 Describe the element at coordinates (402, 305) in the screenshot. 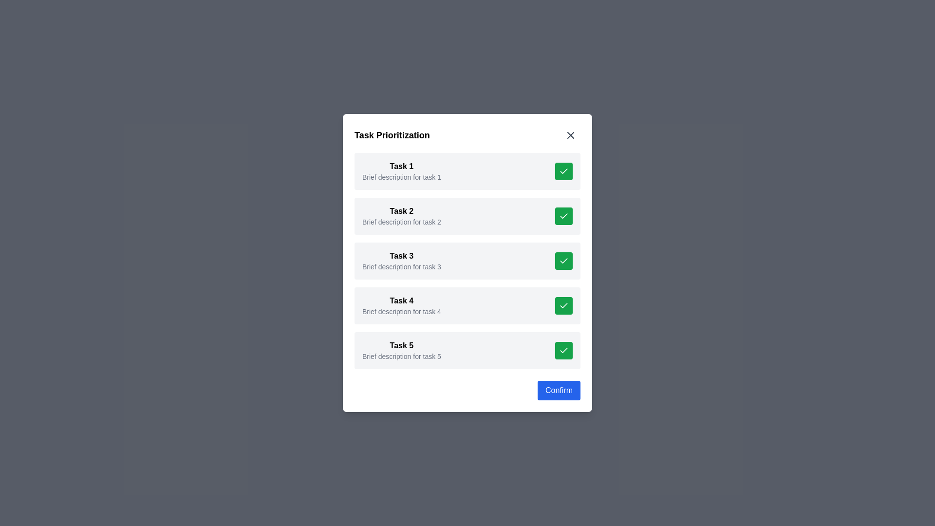

I see `the text in the text display component titled 'Task 4' with a description 'Brief description for task 4.'` at that location.